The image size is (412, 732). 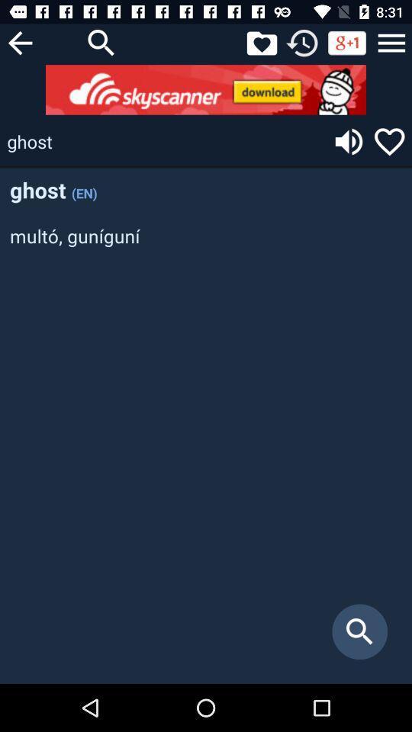 What do you see at coordinates (302, 42) in the screenshot?
I see `the history icon` at bounding box center [302, 42].